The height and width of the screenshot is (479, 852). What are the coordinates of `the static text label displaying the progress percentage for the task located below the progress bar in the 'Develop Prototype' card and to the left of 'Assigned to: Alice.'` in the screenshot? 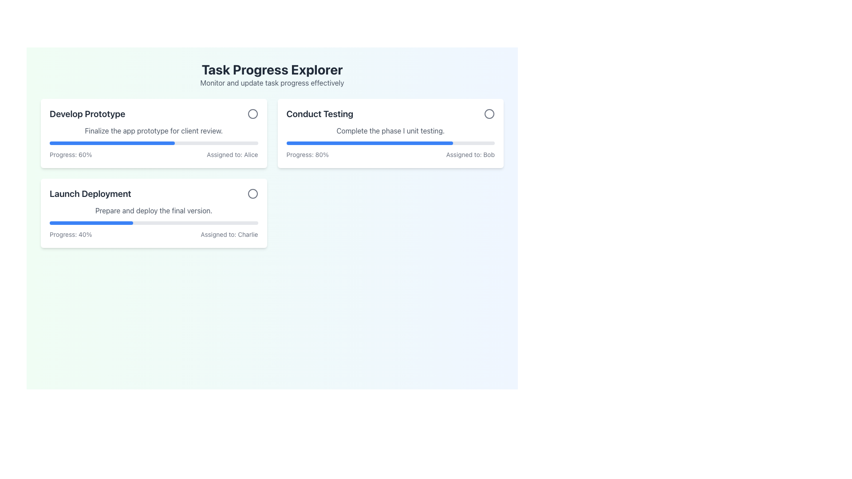 It's located at (70, 154).